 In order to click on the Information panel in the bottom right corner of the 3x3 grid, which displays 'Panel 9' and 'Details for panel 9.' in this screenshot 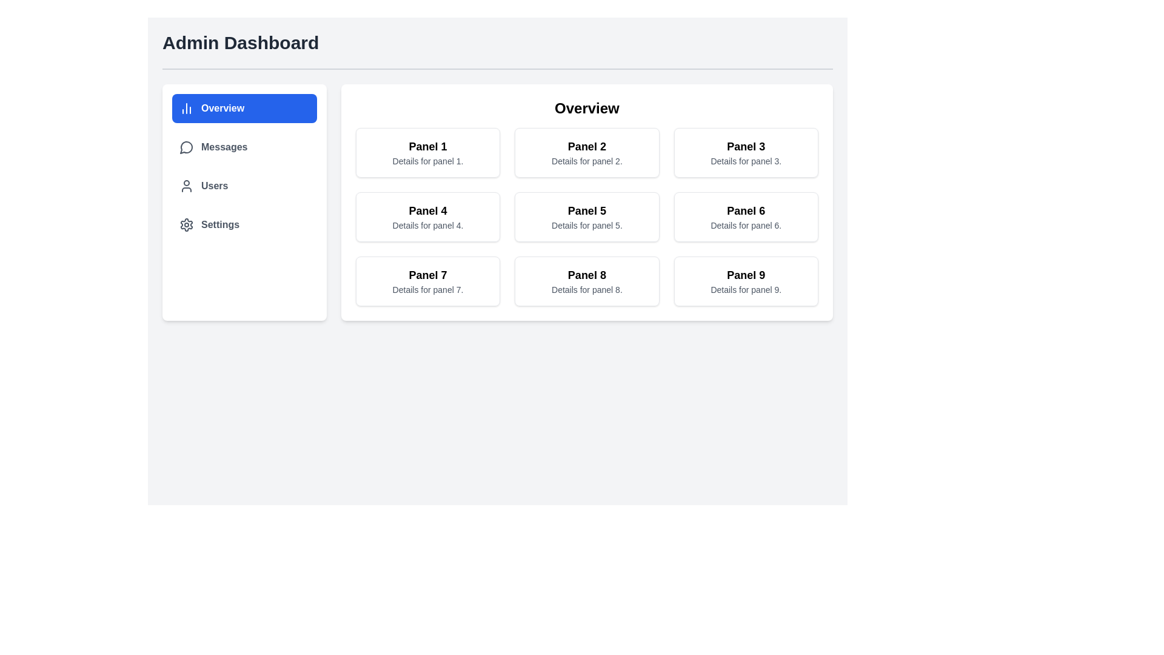, I will do `click(745, 281)`.